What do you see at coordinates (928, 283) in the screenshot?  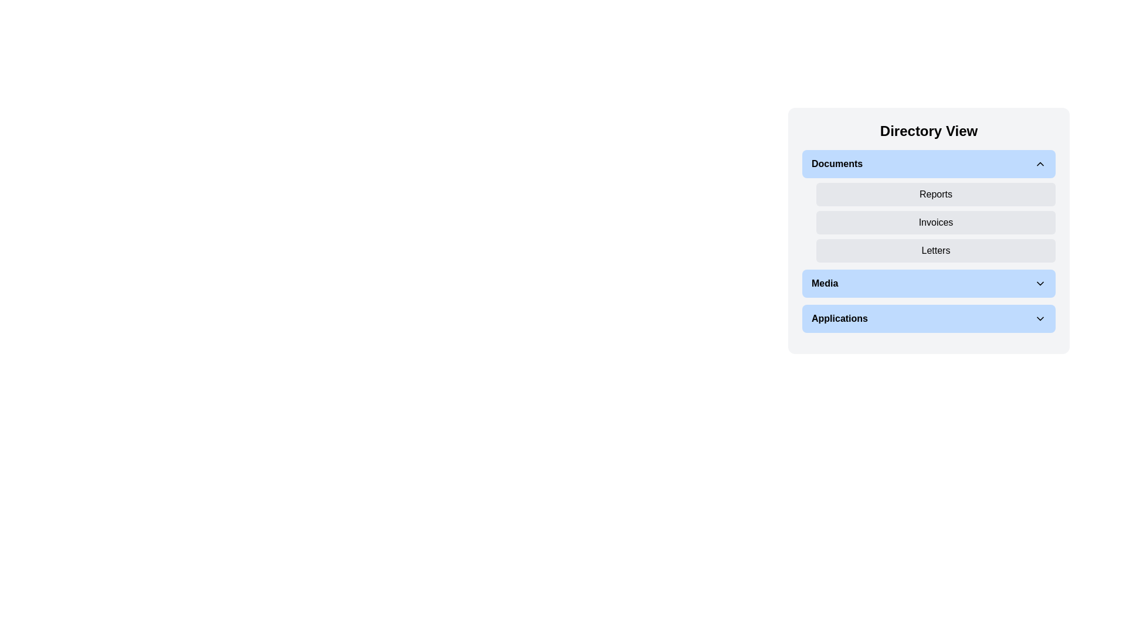 I see `the collapsible menu item for 'Media' located in the 'Directory View' section` at bounding box center [928, 283].